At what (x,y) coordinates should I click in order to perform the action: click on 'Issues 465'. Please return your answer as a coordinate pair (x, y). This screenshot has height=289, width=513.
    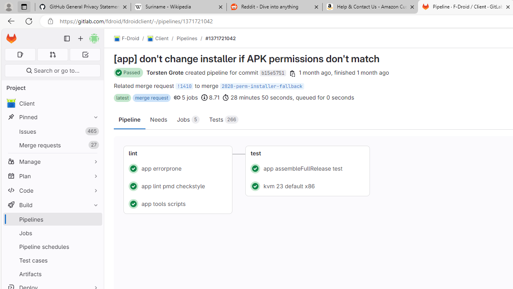
    Looking at the image, I should click on (52, 131).